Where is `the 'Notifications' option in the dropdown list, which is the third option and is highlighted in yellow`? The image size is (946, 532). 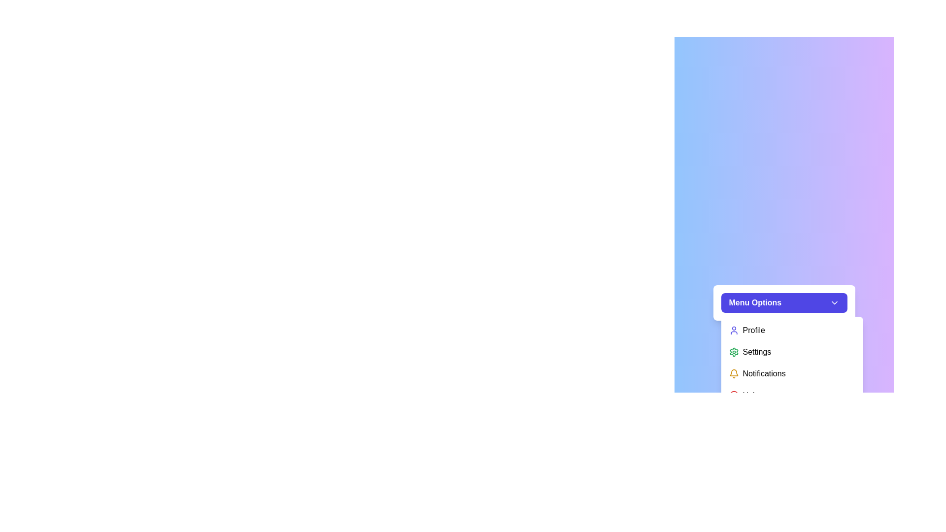 the 'Notifications' option in the dropdown list, which is the third option and is highlighted in yellow is located at coordinates (792, 363).